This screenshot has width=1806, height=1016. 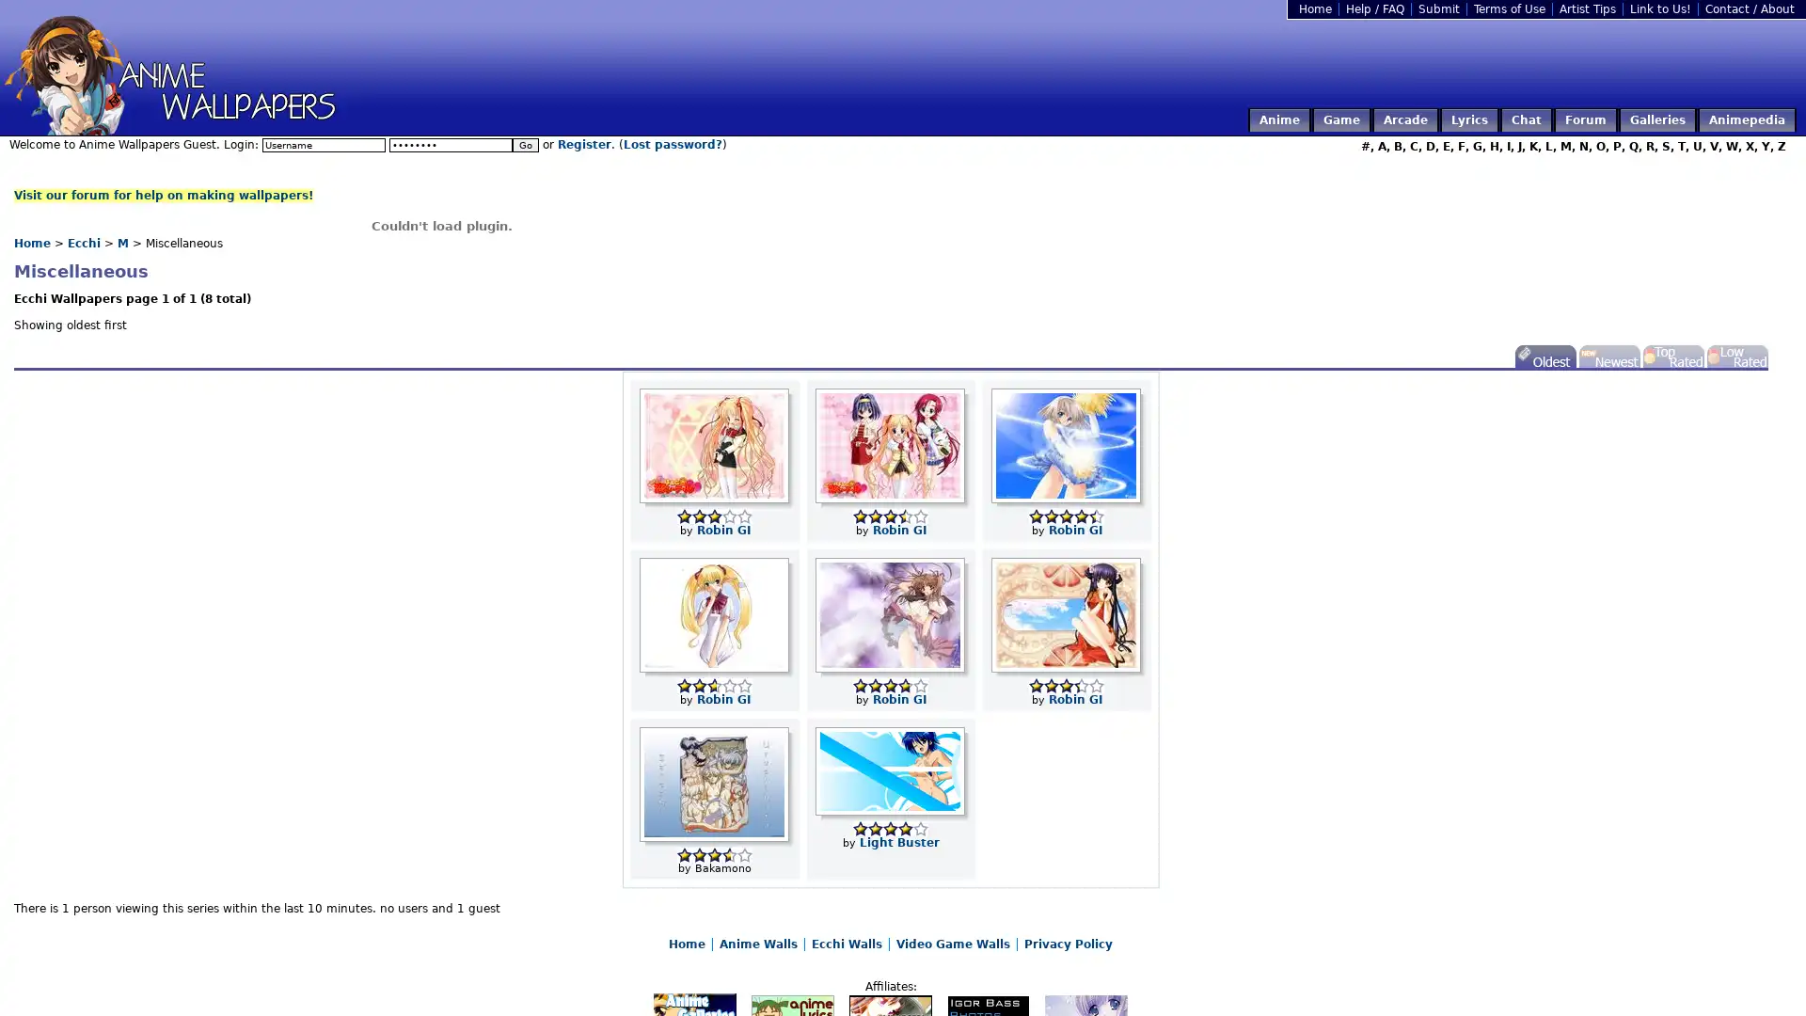 What do you see at coordinates (525, 144) in the screenshot?
I see `Go` at bounding box center [525, 144].